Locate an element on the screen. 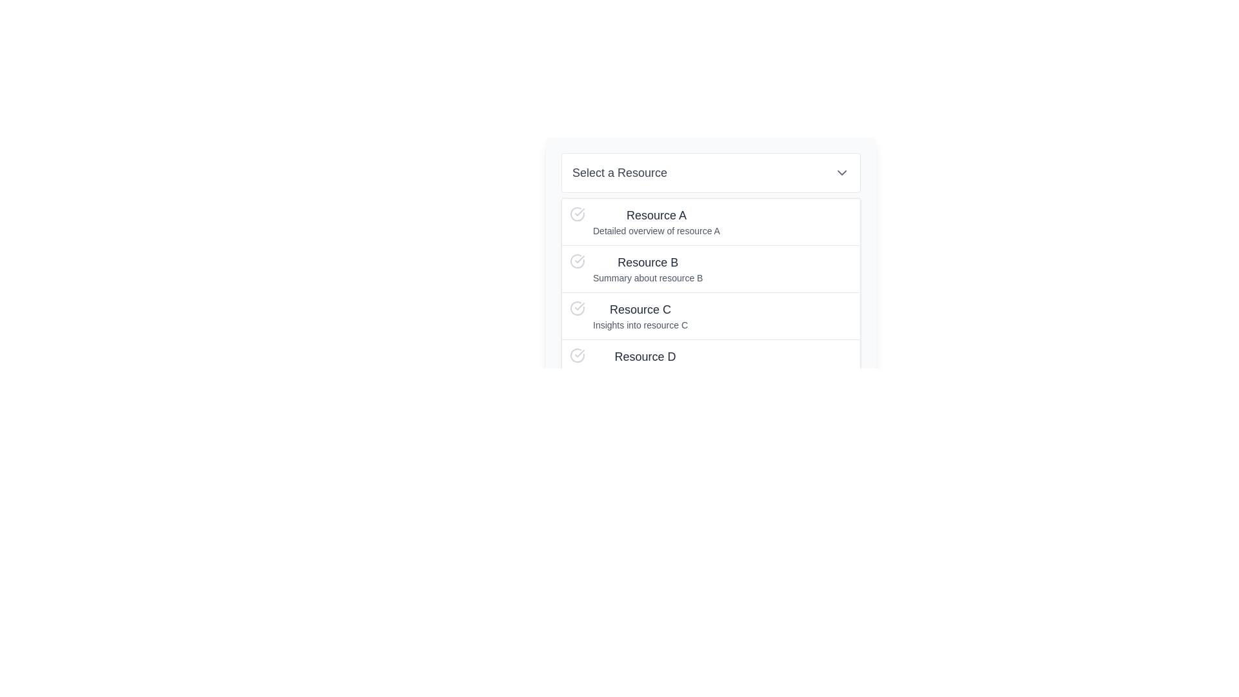  the selection status icon for 'Resource B' is located at coordinates (576, 261).